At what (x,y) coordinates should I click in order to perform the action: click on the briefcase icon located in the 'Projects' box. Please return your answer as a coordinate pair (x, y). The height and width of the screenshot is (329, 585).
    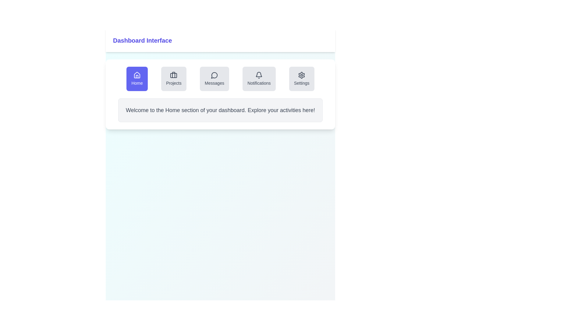
    Looking at the image, I should click on (173, 75).